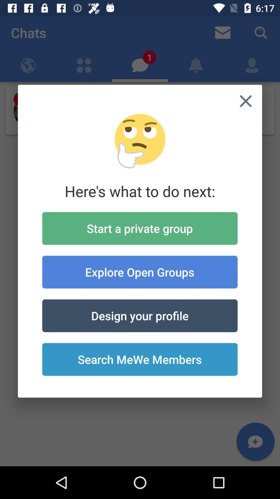 This screenshot has width=280, height=499. I want to click on item above the start a private icon, so click(246, 101).